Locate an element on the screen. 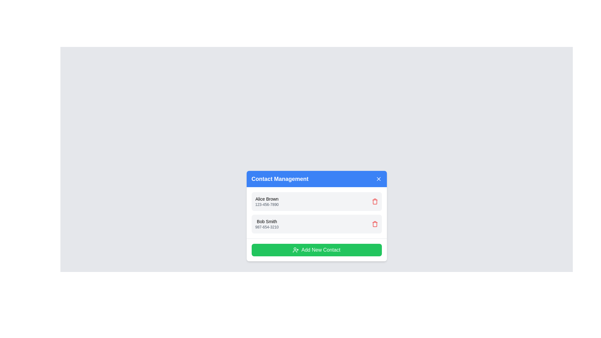  the contact details of Bob Smith is located at coordinates (267, 221).